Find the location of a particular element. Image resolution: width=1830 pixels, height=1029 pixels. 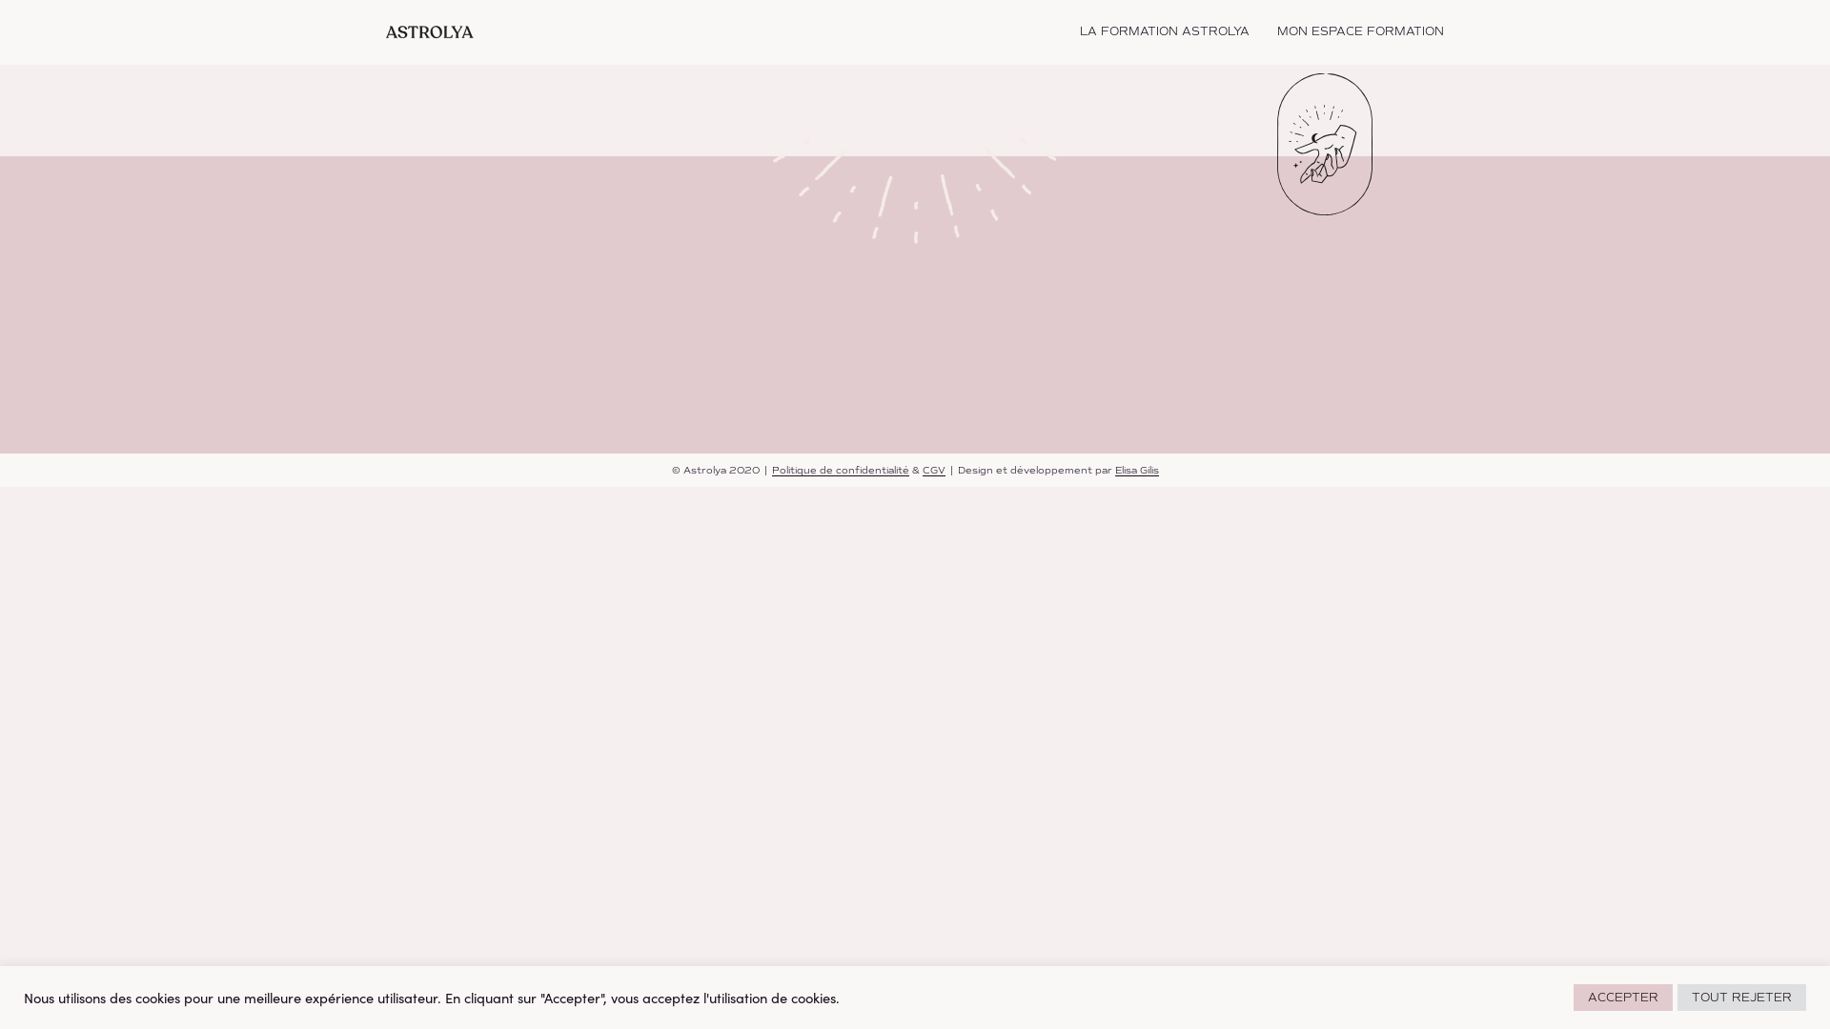

'TOUT REJETER' is located at coordinates (1741, 996).